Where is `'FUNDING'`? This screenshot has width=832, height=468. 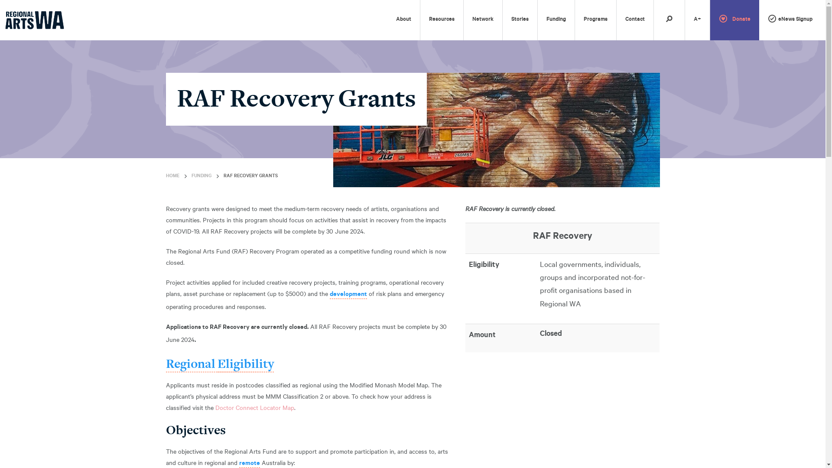 'FUNDING' is located at coordinates (201, 176).